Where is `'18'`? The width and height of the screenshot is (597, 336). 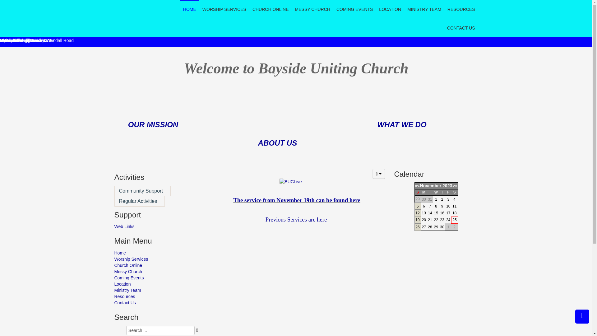
'18' is located at coordinates (454, 213).